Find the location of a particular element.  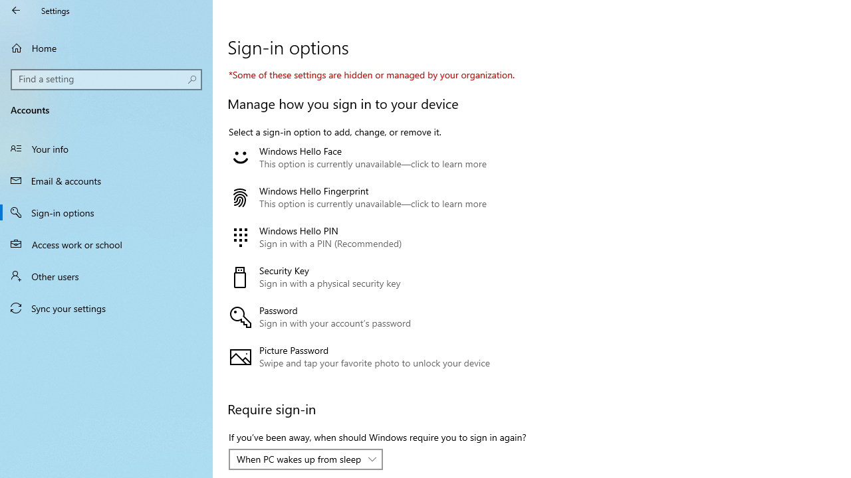

'Home' is located at coordinates (106, 47).